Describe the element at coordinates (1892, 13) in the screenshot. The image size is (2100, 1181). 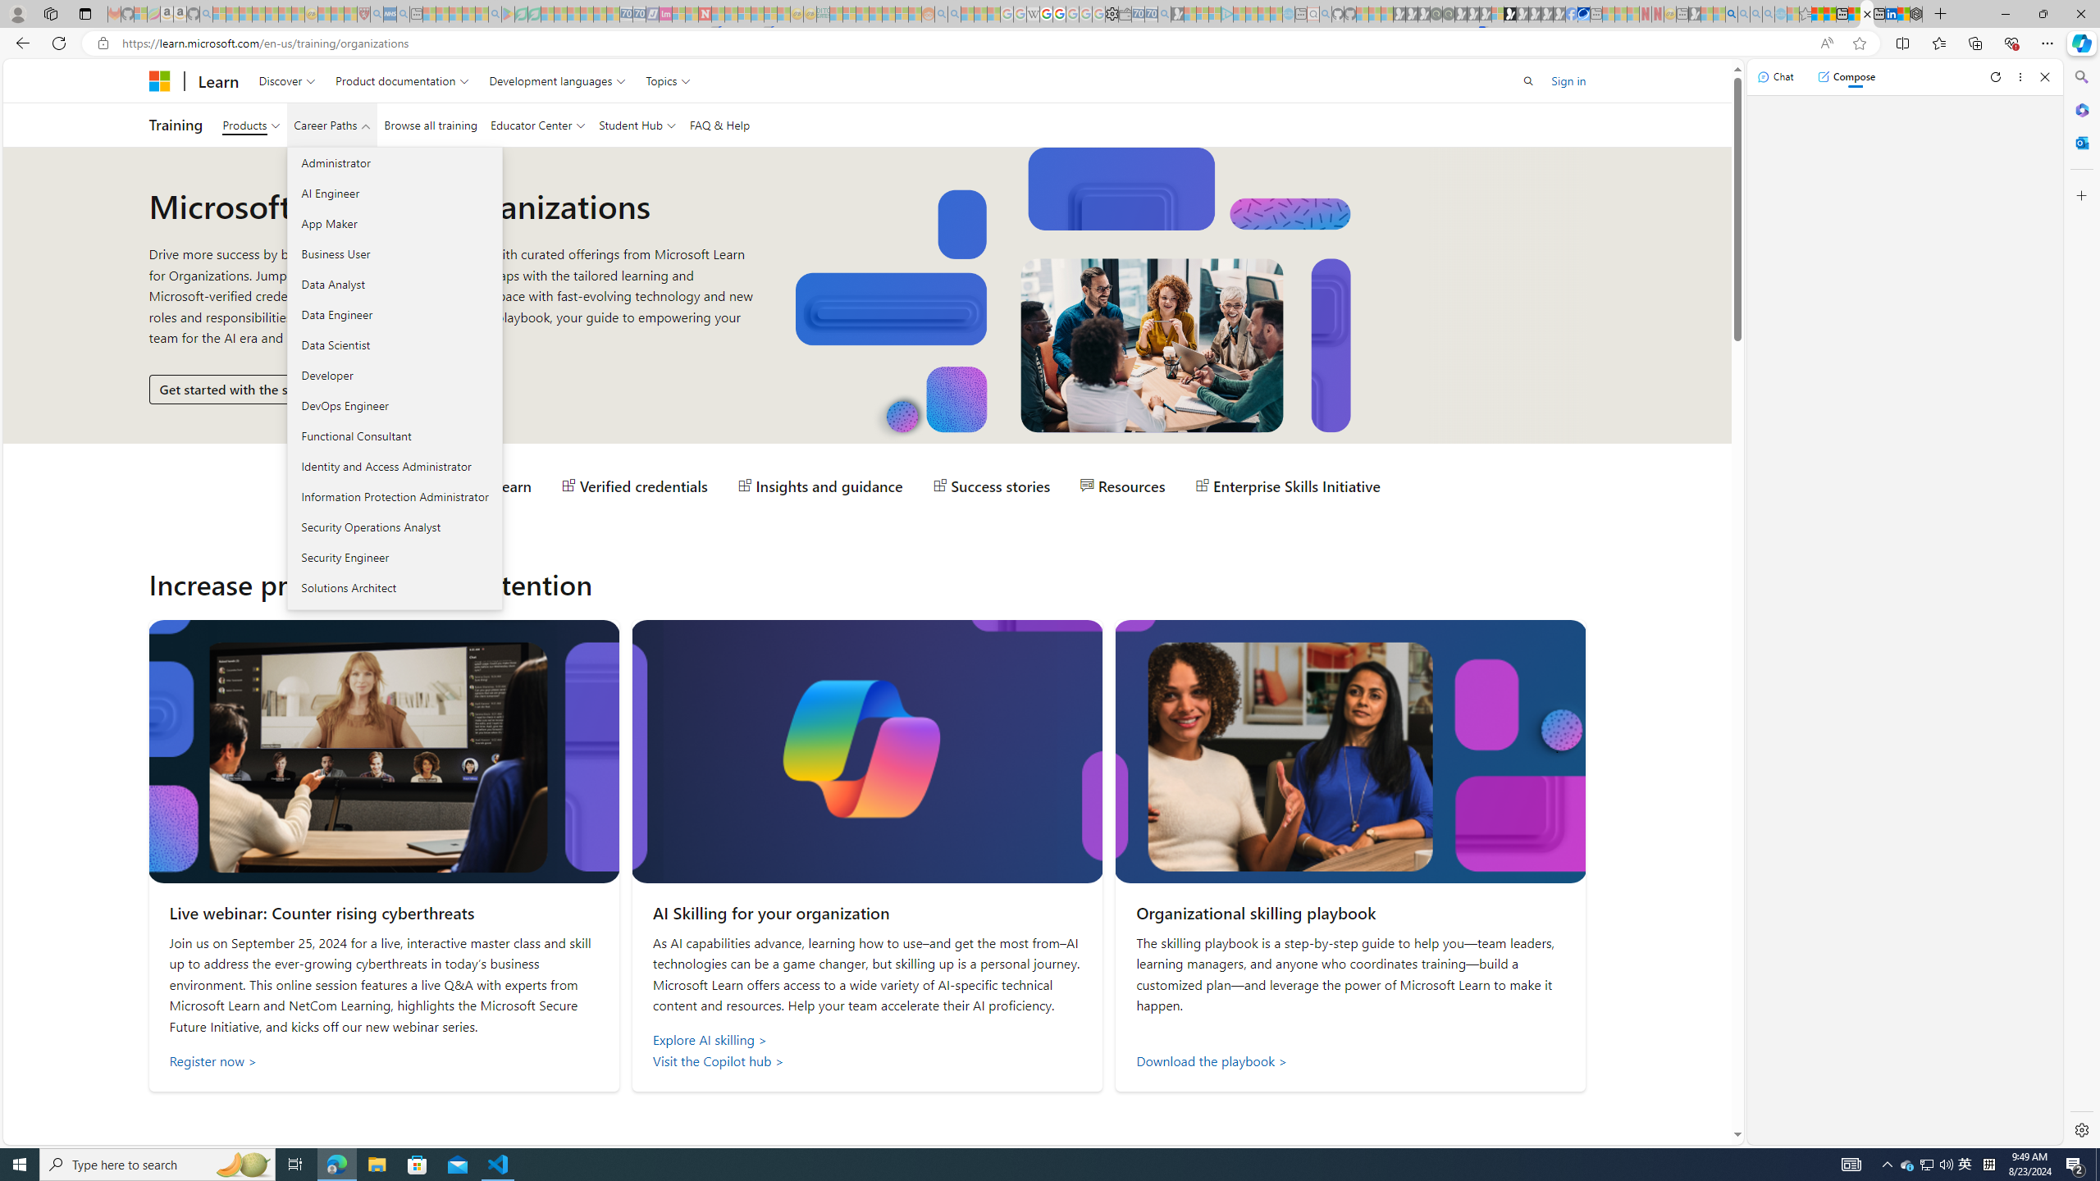
I see `'LinkedIn'` at that location.